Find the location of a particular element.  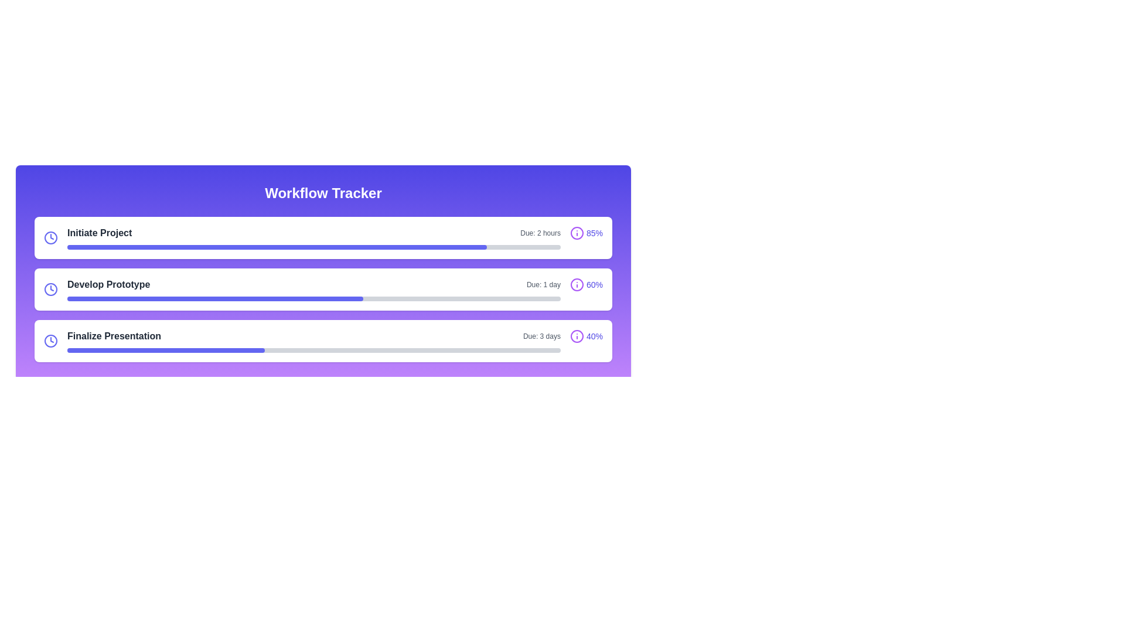

text label displaying 'Develop Prototype', which is located under the 'Initiate Project' task and above the 'Finalize Presentation' task in the task list is located at coordinates (108, 285).